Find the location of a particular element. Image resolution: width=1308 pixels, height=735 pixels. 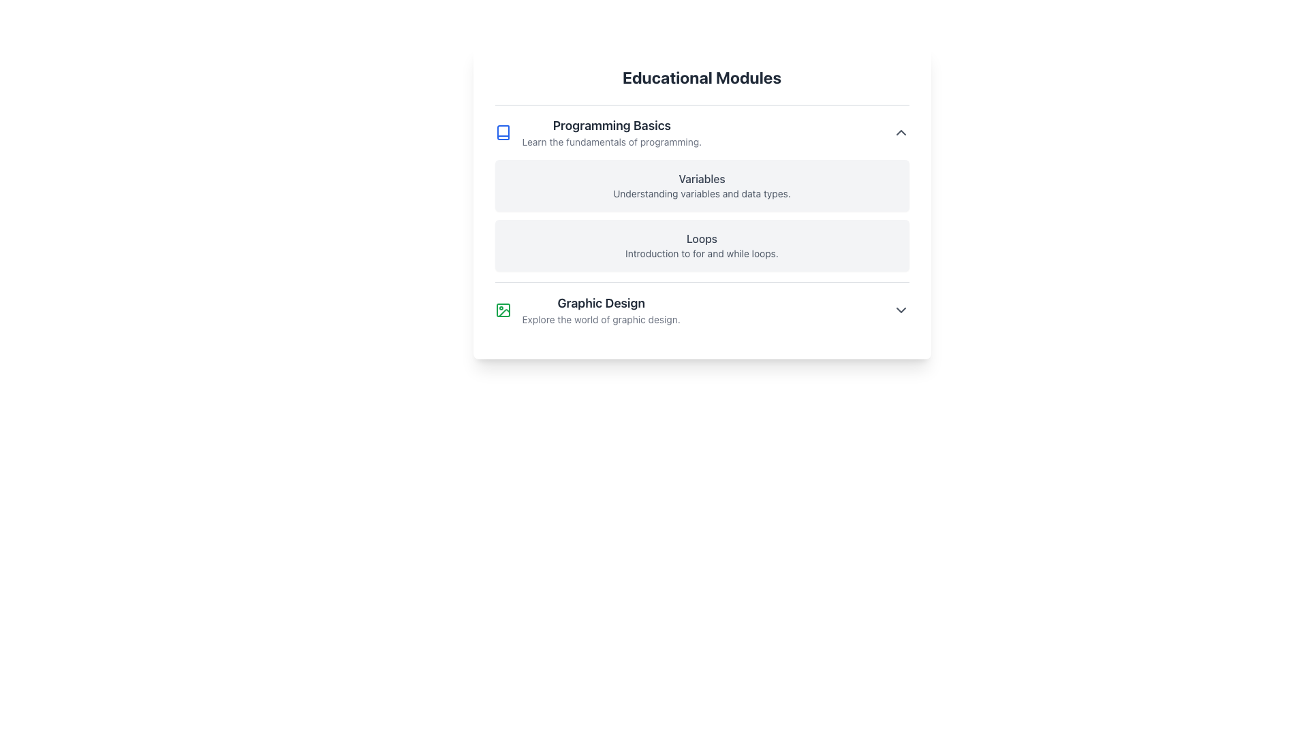

the Text block with a prominent title and subtitle for the 'Programming Basics' educational module, located near the top of the list under 'Educational Modules.' is located at coordinates (611, 133).